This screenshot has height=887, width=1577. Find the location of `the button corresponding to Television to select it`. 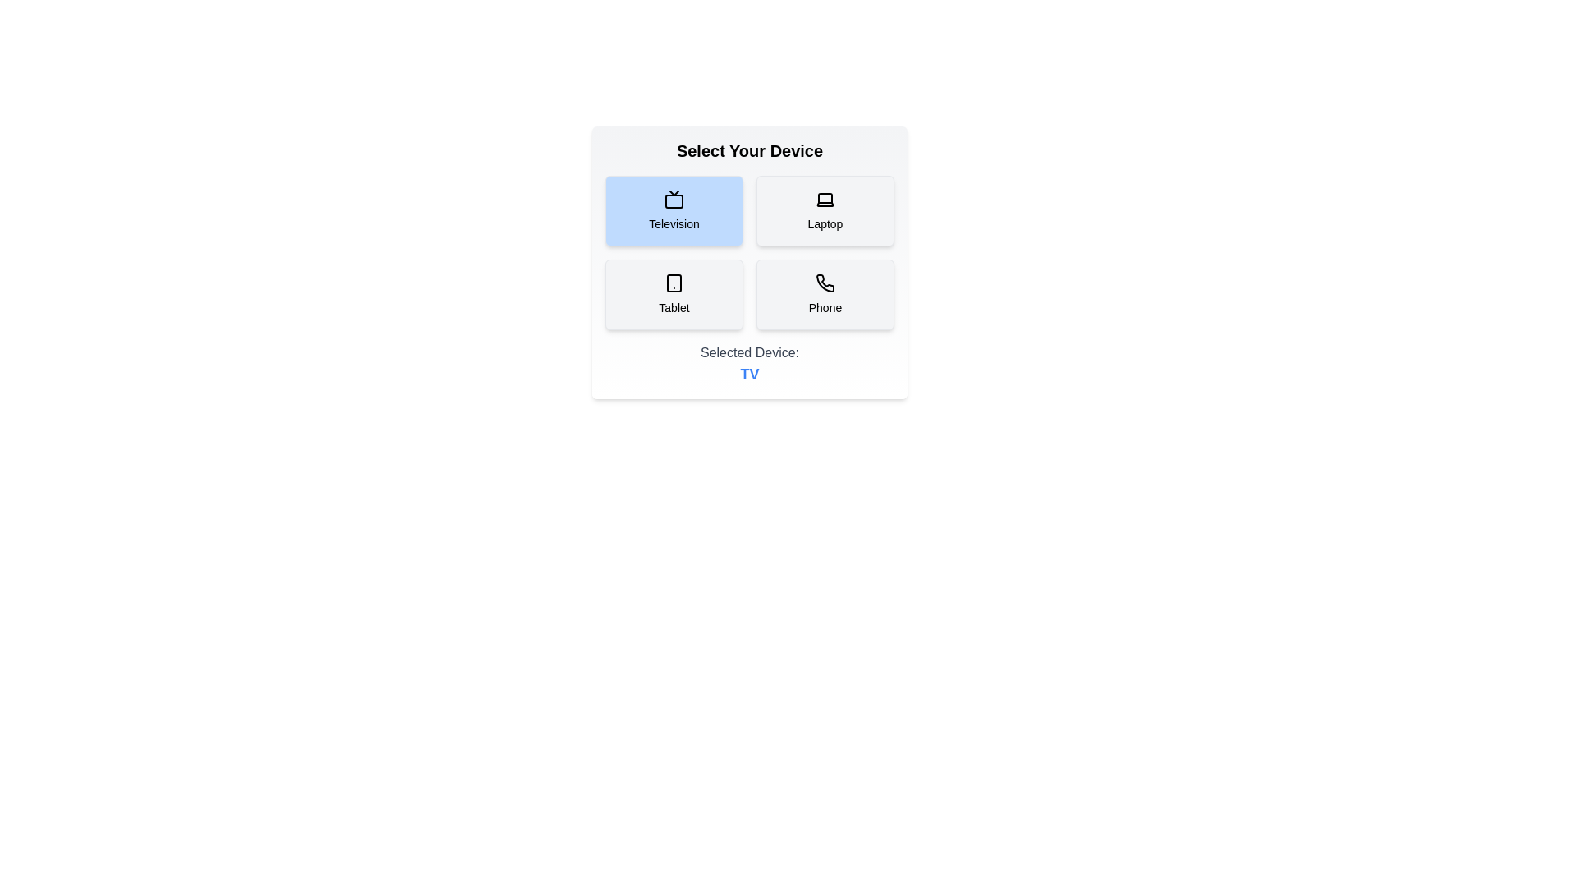

the button corresponding to Television to select it is located at coordinates (674, 210).